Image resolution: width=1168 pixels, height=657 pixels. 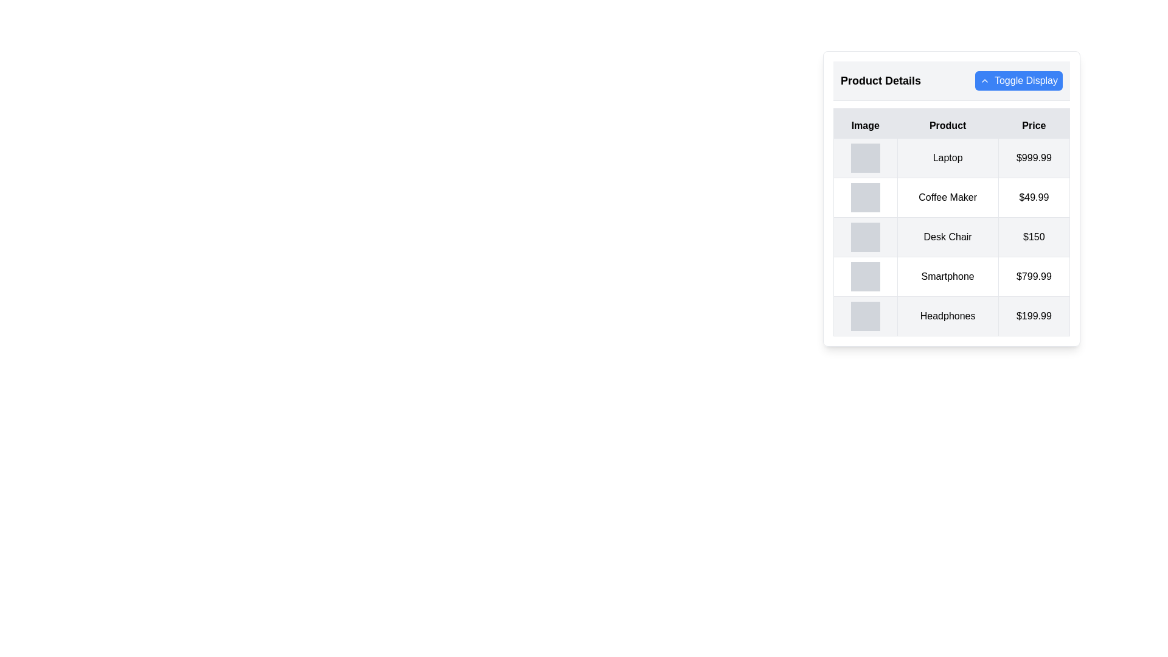 I want to click on the image display placeholder for the product 'Desk Chair' located in the third row under the 'Image' column, so click(x=864, y=237).